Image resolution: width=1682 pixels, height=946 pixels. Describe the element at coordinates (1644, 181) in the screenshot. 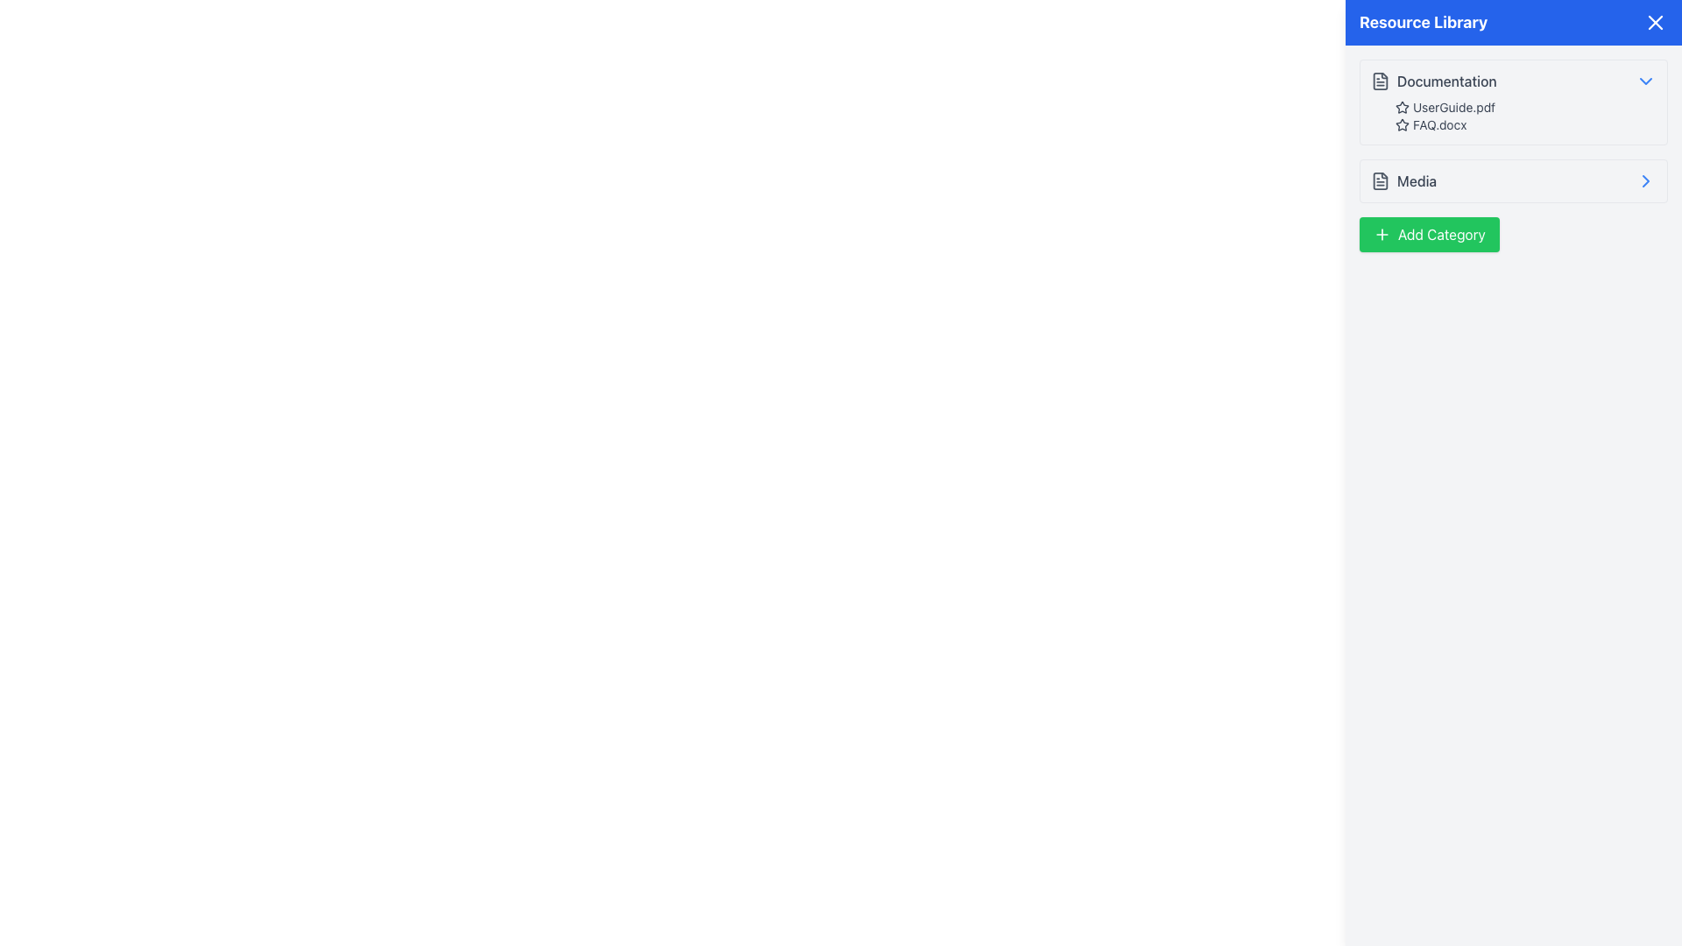

I see `the right-pointing chevron icon in the 'Media' section of the 'Resource Library' panel to interact with the expandable/collapsible menu` at that location.